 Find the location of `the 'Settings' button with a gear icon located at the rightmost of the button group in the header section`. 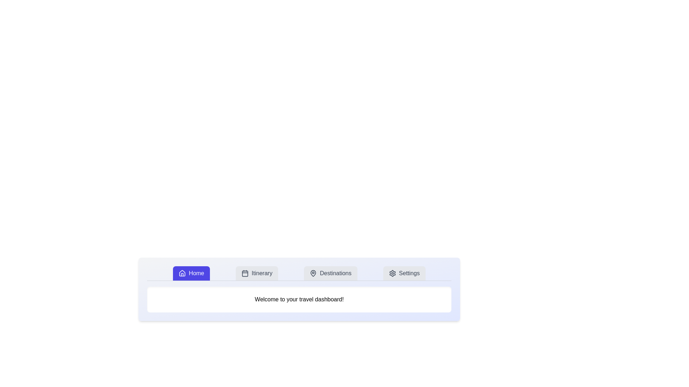

the 'Settings' button with a gear icon located at the rightmost of the button group in the header section is located at coordinates (404, 273).